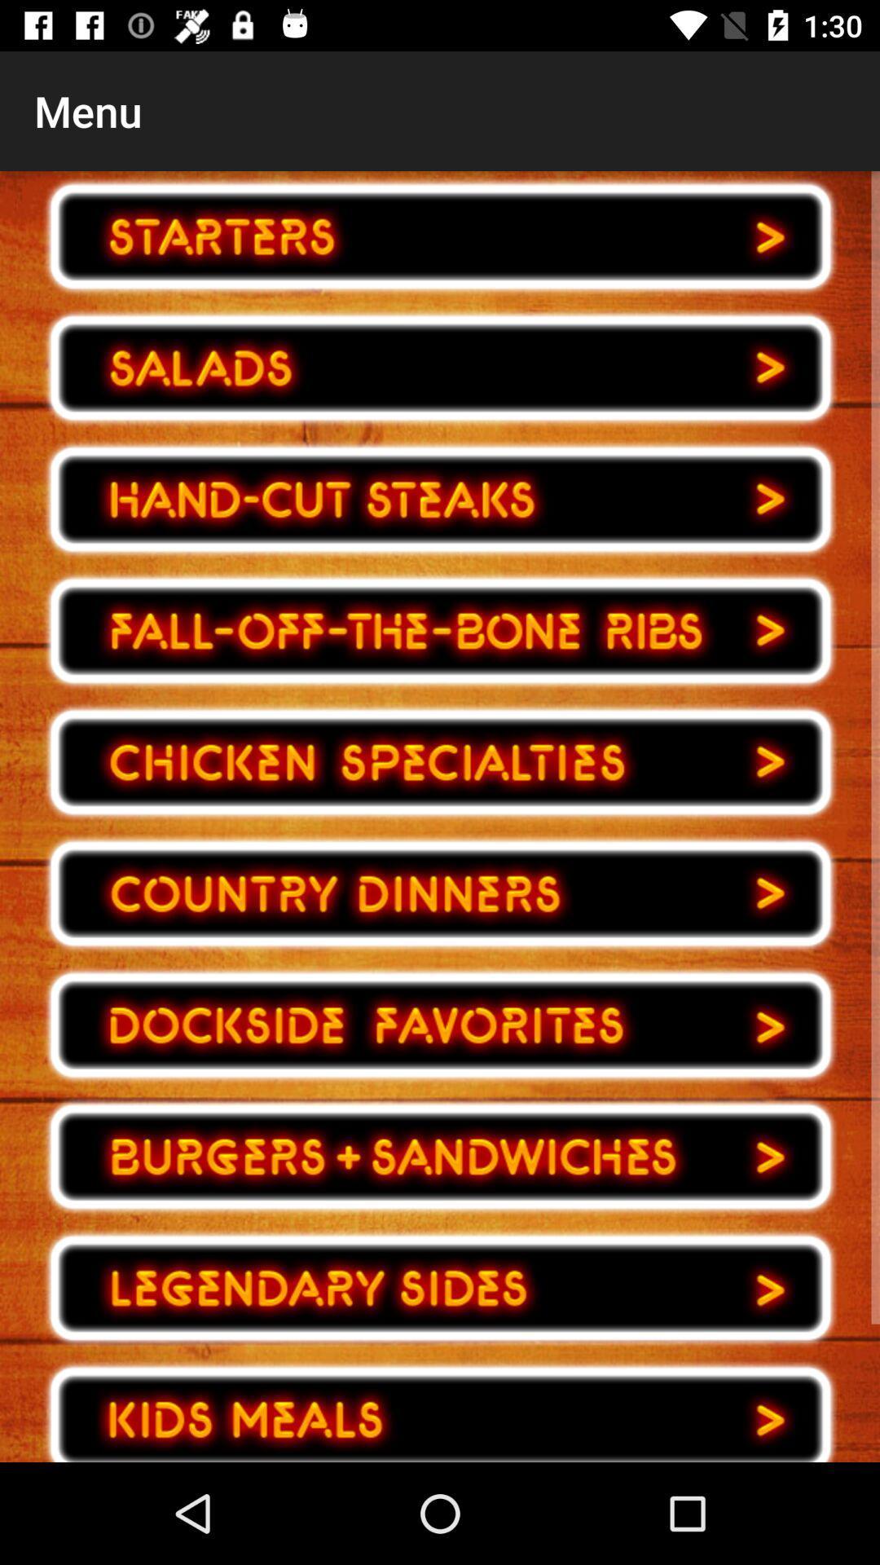  I want to click on choose food, so click(440, 1156).